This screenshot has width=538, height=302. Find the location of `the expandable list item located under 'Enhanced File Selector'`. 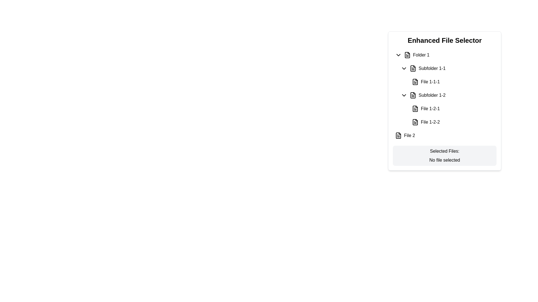

the expandable list item located under 'Enhanced File Selector' is located at coordinates (447, 68).